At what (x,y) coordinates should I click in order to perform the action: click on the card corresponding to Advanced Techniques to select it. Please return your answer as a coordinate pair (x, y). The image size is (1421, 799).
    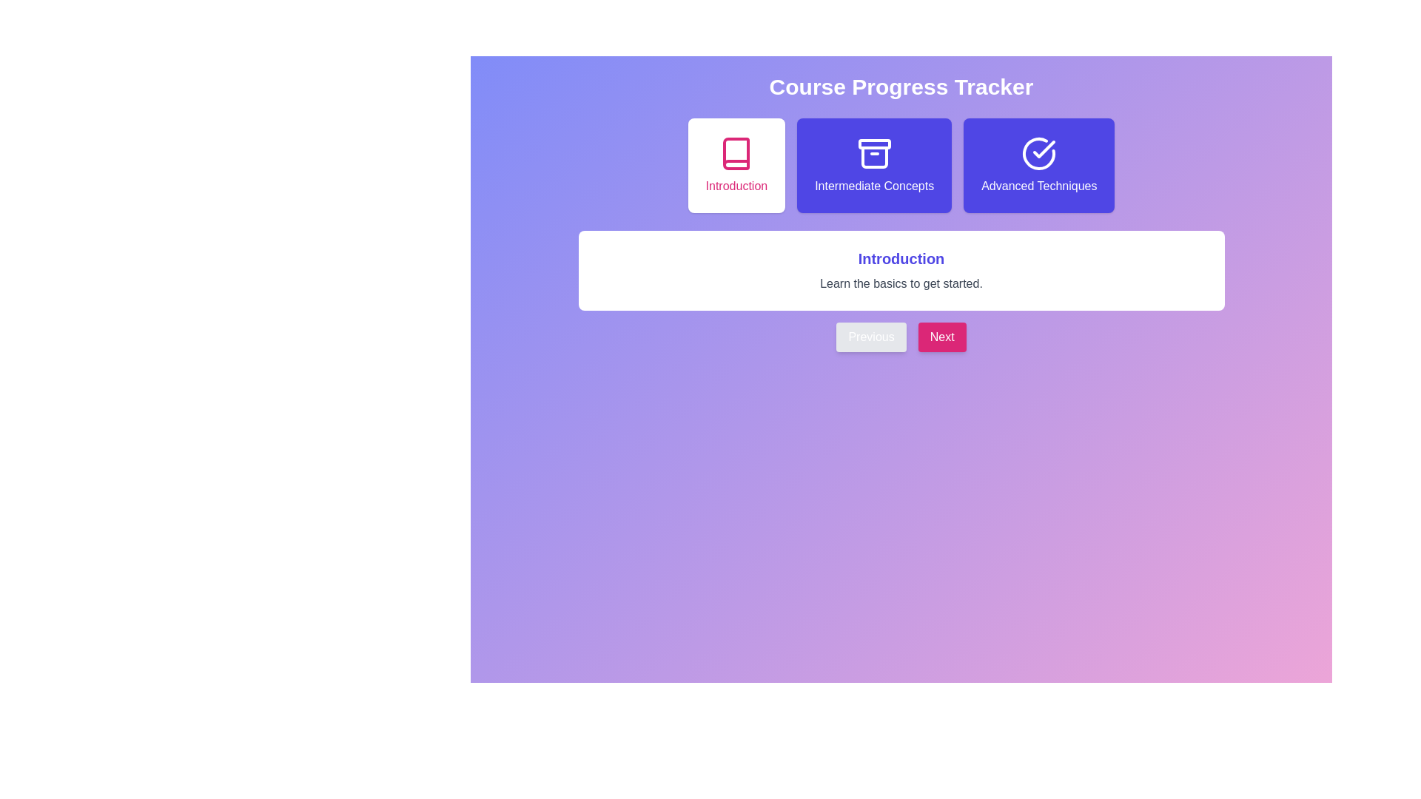
    Looking at the image, I should click on (1038, 165).